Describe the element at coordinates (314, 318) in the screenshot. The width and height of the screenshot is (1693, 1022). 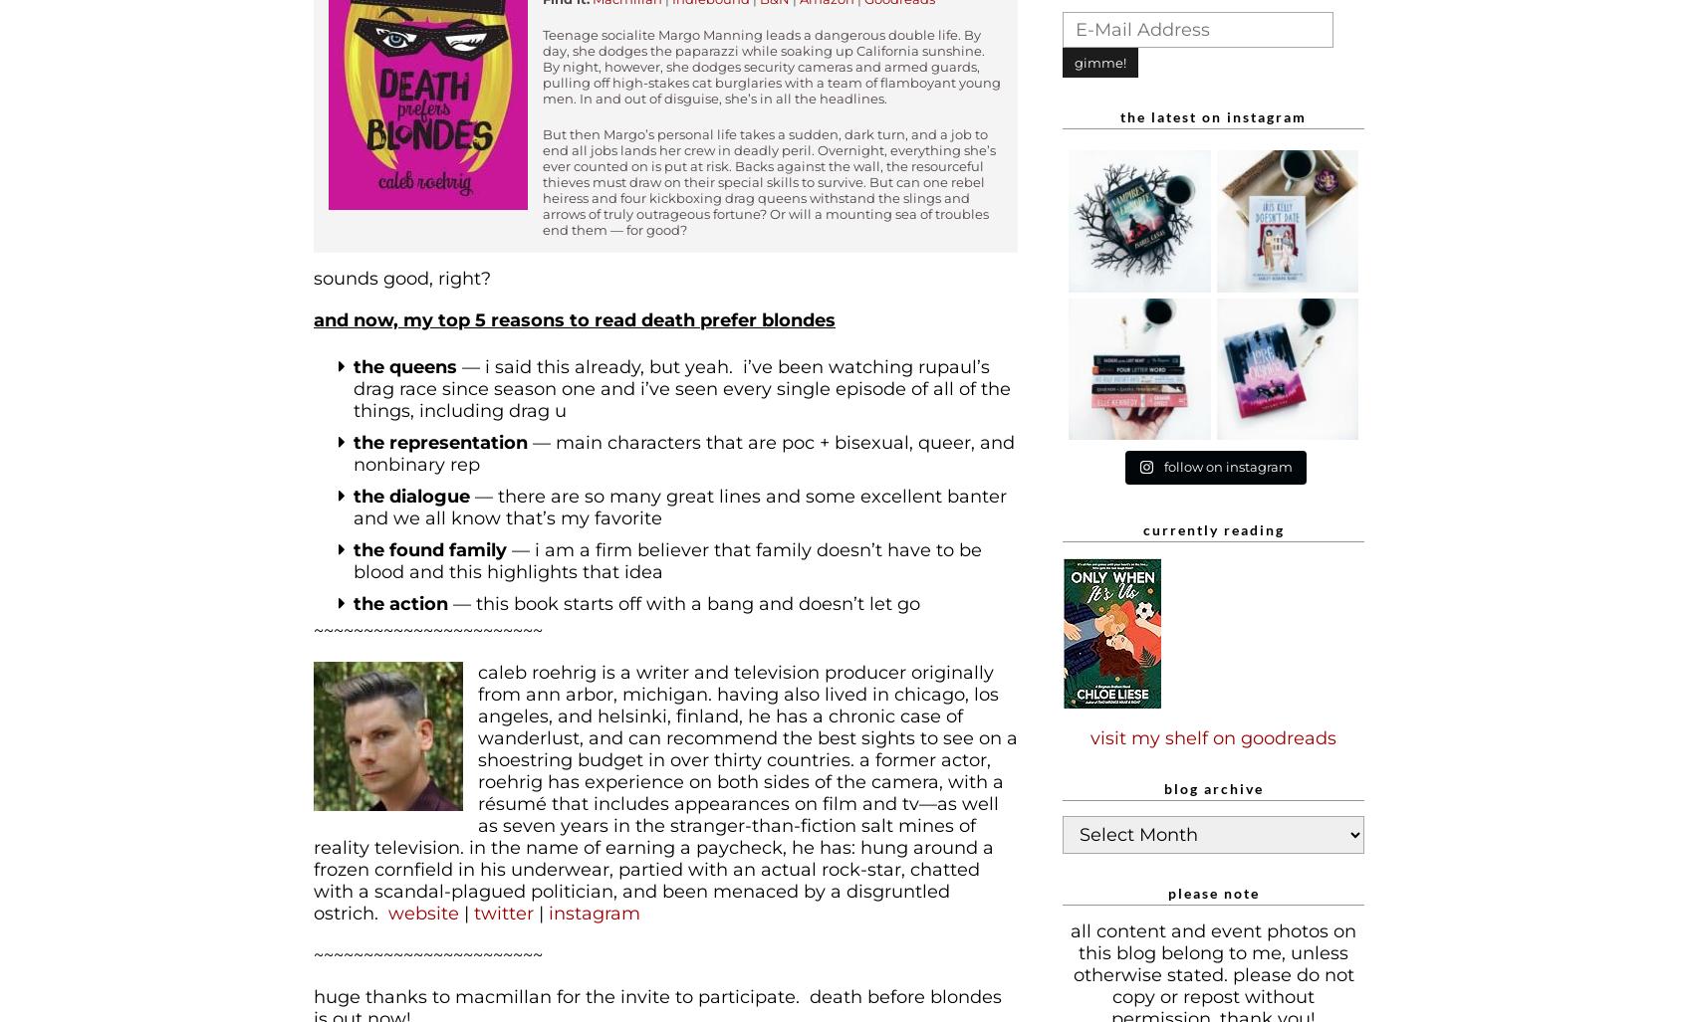
I see `'And now, my top 5 reasons to read Death Prefer Blondes'` at that location.